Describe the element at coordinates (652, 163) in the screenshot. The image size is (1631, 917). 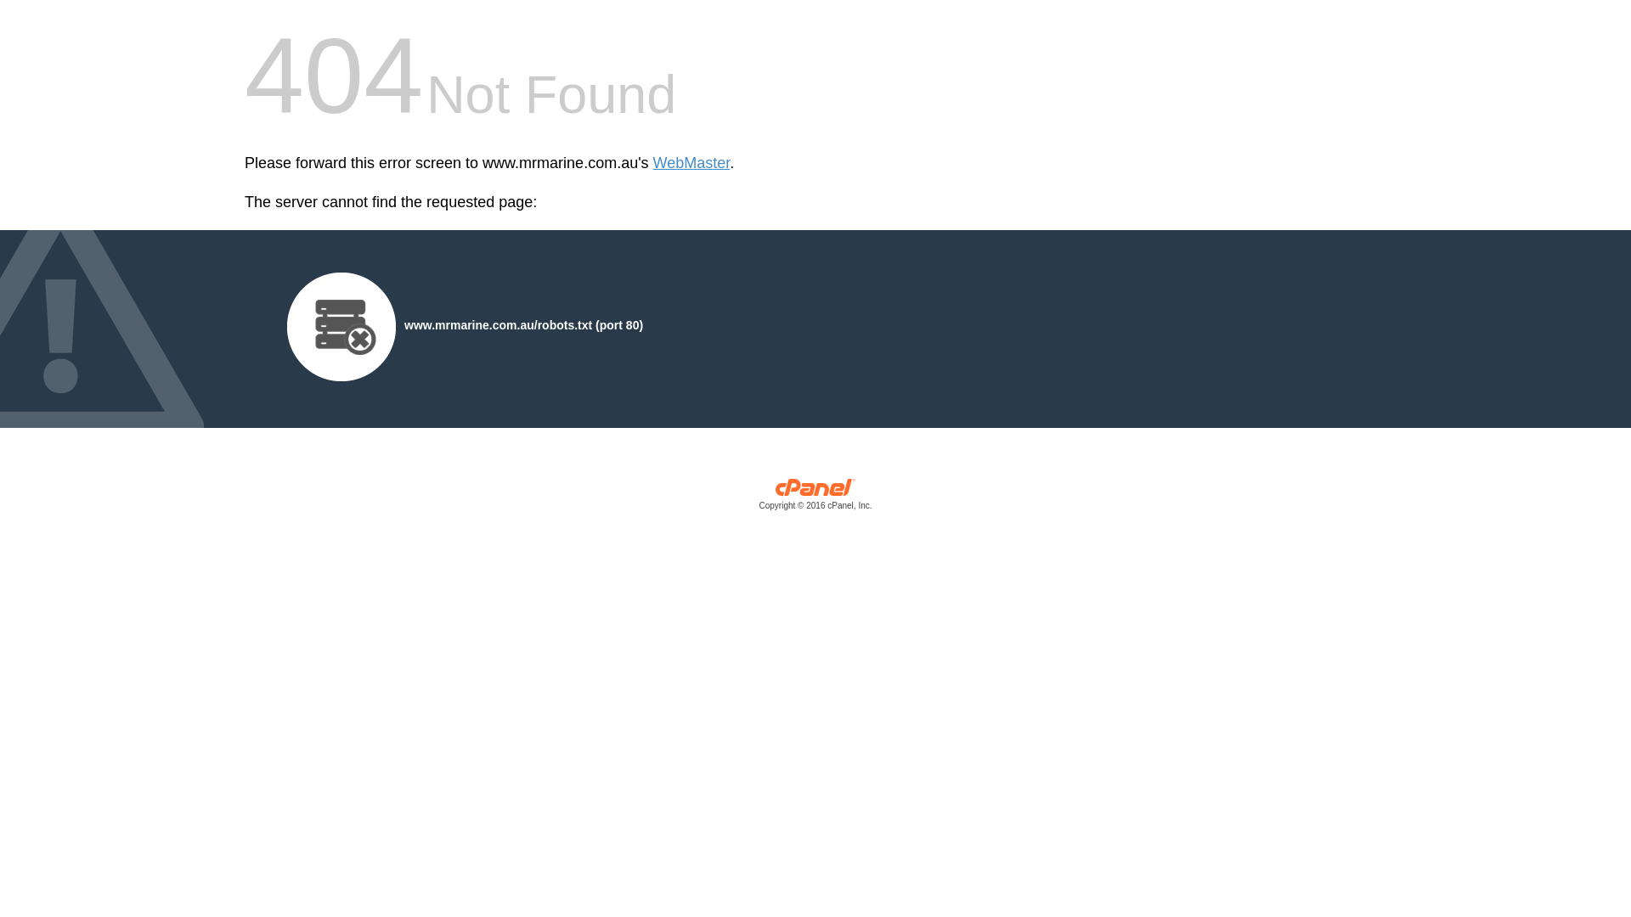
I see `'WebMaster'` at that location.